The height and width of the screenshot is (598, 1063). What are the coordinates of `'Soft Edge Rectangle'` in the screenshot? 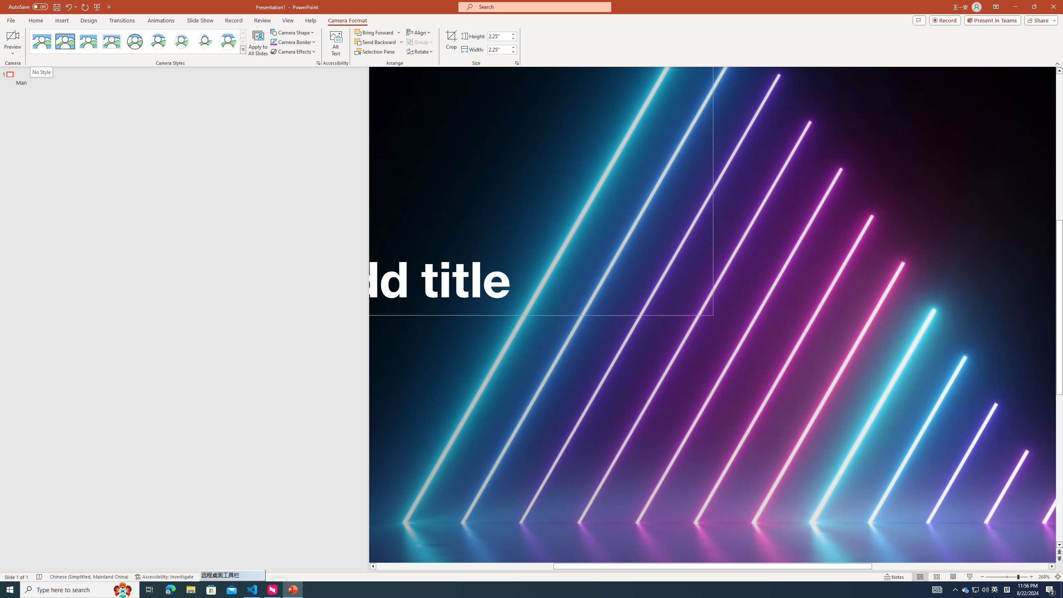 It's located at (111, 41).